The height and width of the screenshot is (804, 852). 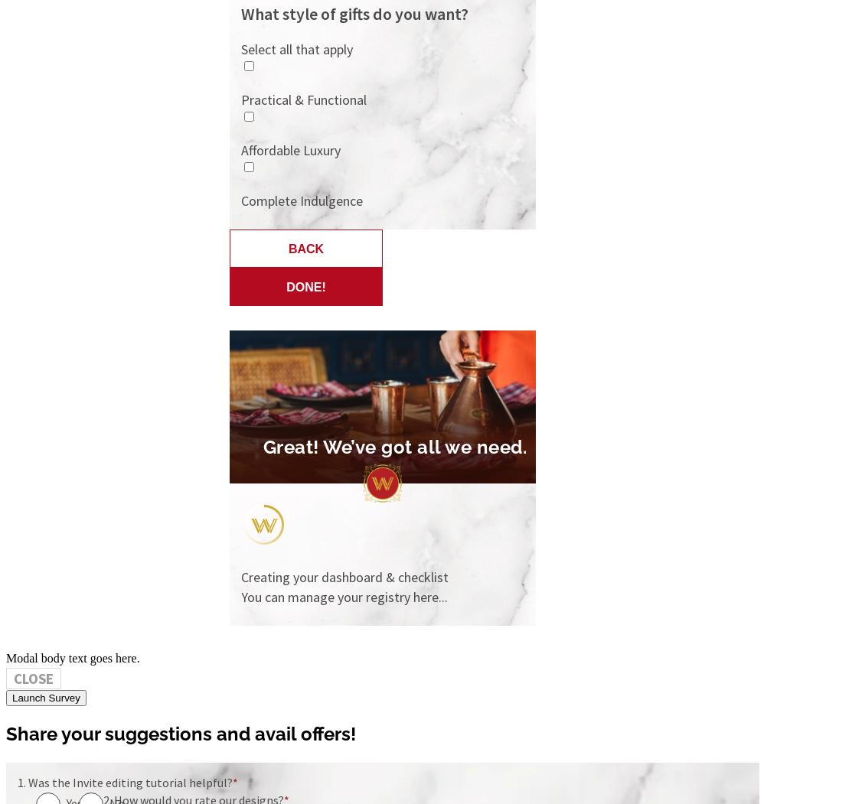 I want to click on 'Back', so click(x=305, y=249).